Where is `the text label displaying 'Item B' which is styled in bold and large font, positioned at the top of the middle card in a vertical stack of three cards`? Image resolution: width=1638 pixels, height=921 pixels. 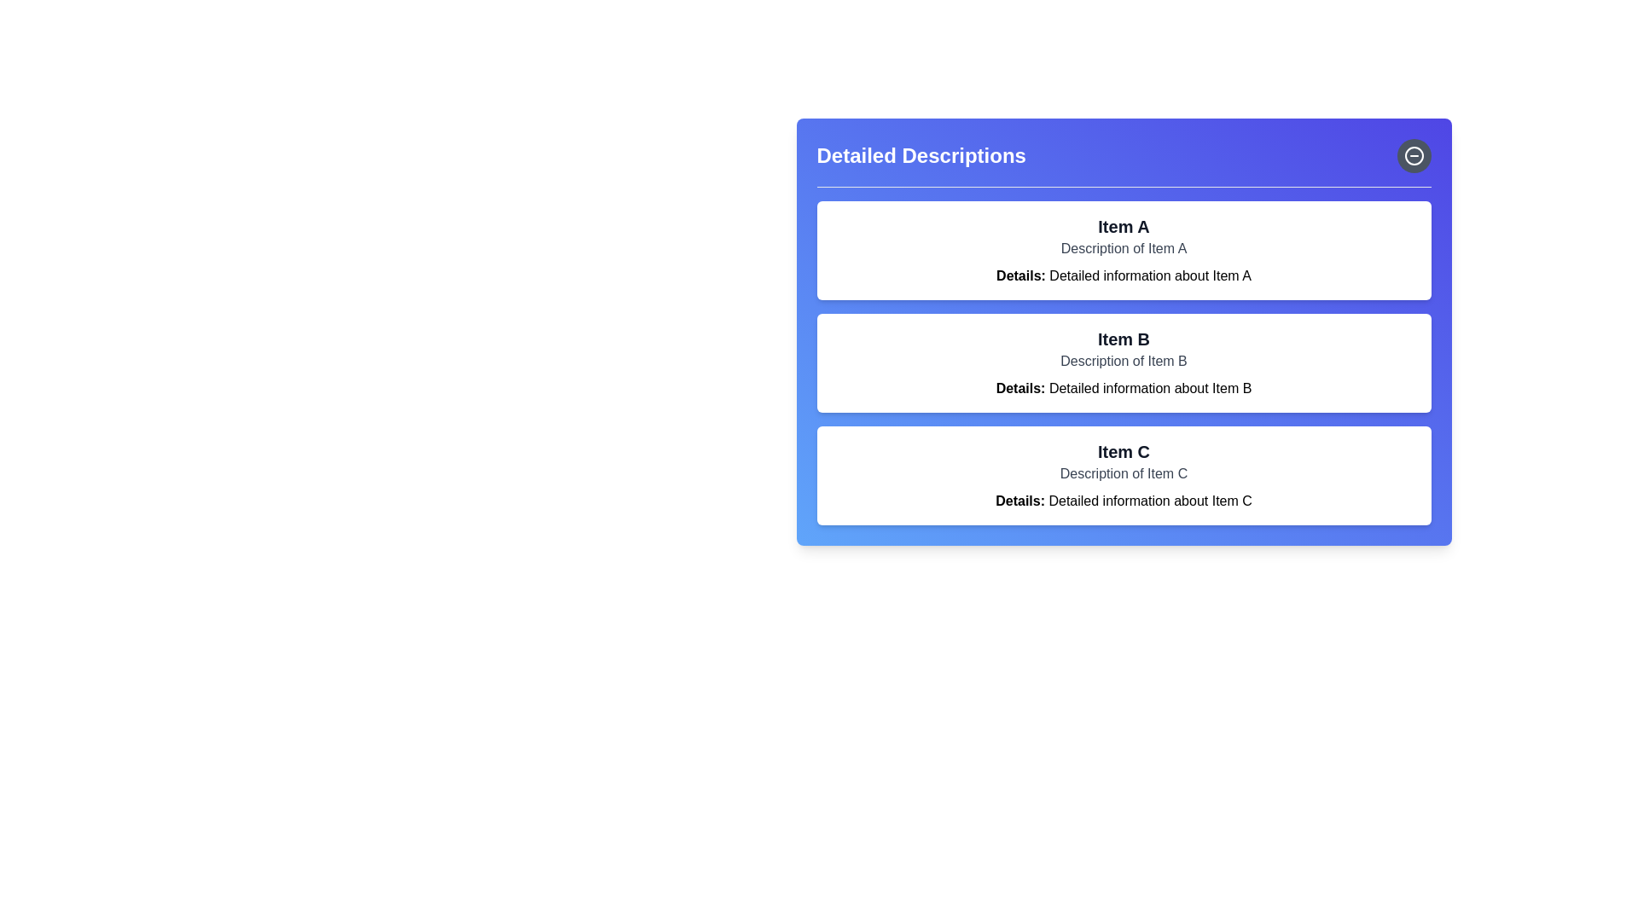 the text label displaying 'Item B' which is styled in bold and large font, positioned at the top of the middle card in a vertical stack of three cards is located at coordinates (1124, 339).